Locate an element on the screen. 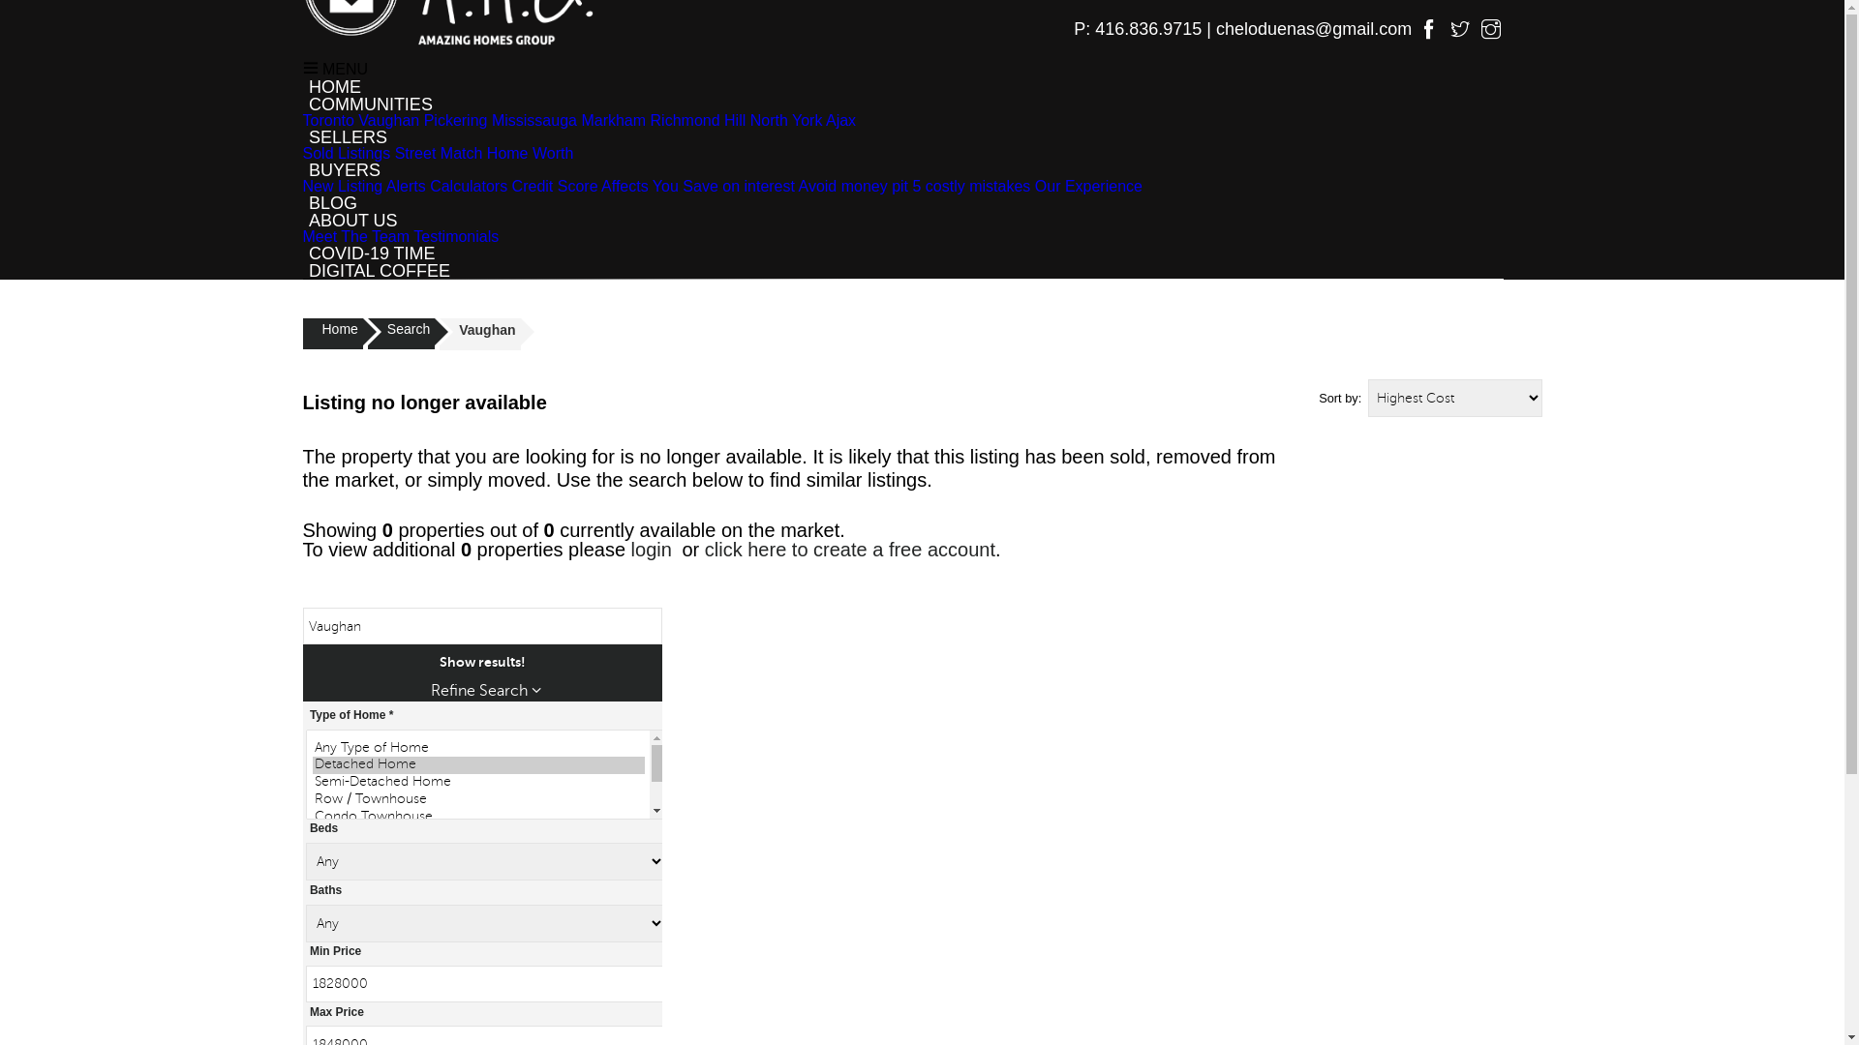 The image size is (1859, 1045). 'DIGITAL COFFEE' is located at coordinates (379, 271).